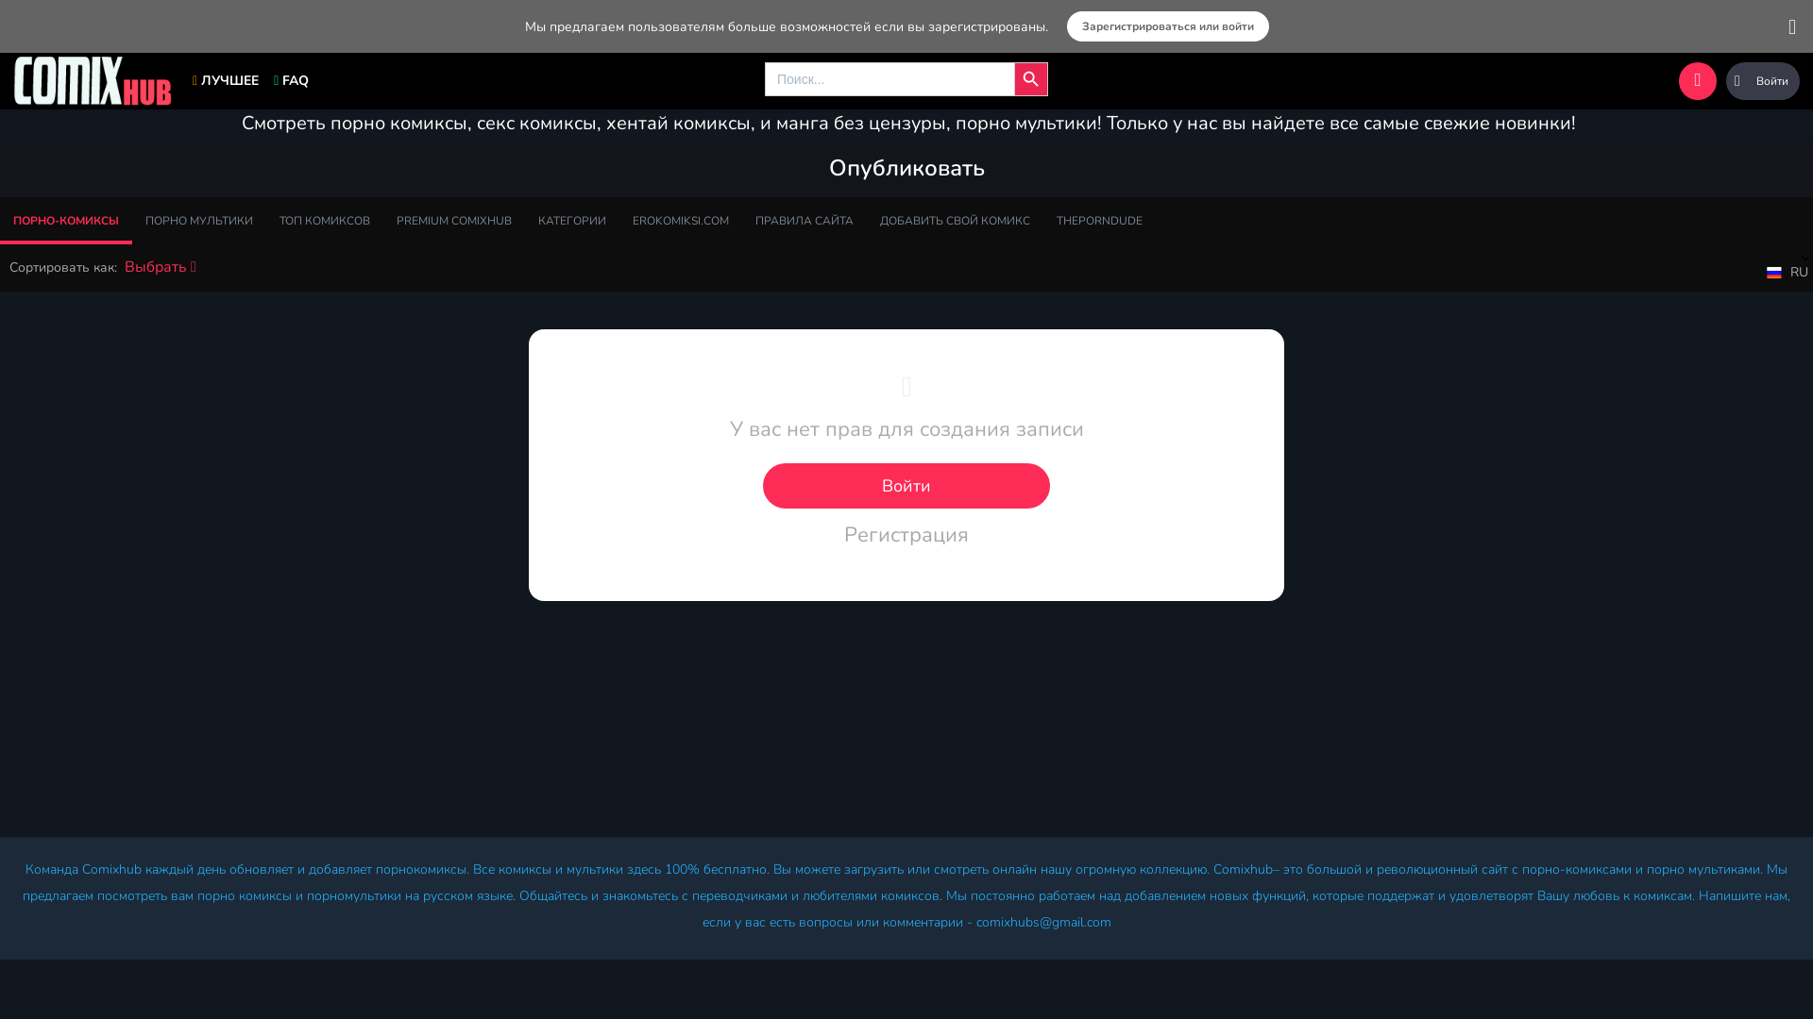 The width and height of the screenshot is (1813, 1019). What do you see at coordinates (290, 79) in the screenshot?
I see `'FAQ'` at bounding box center [290, 79].